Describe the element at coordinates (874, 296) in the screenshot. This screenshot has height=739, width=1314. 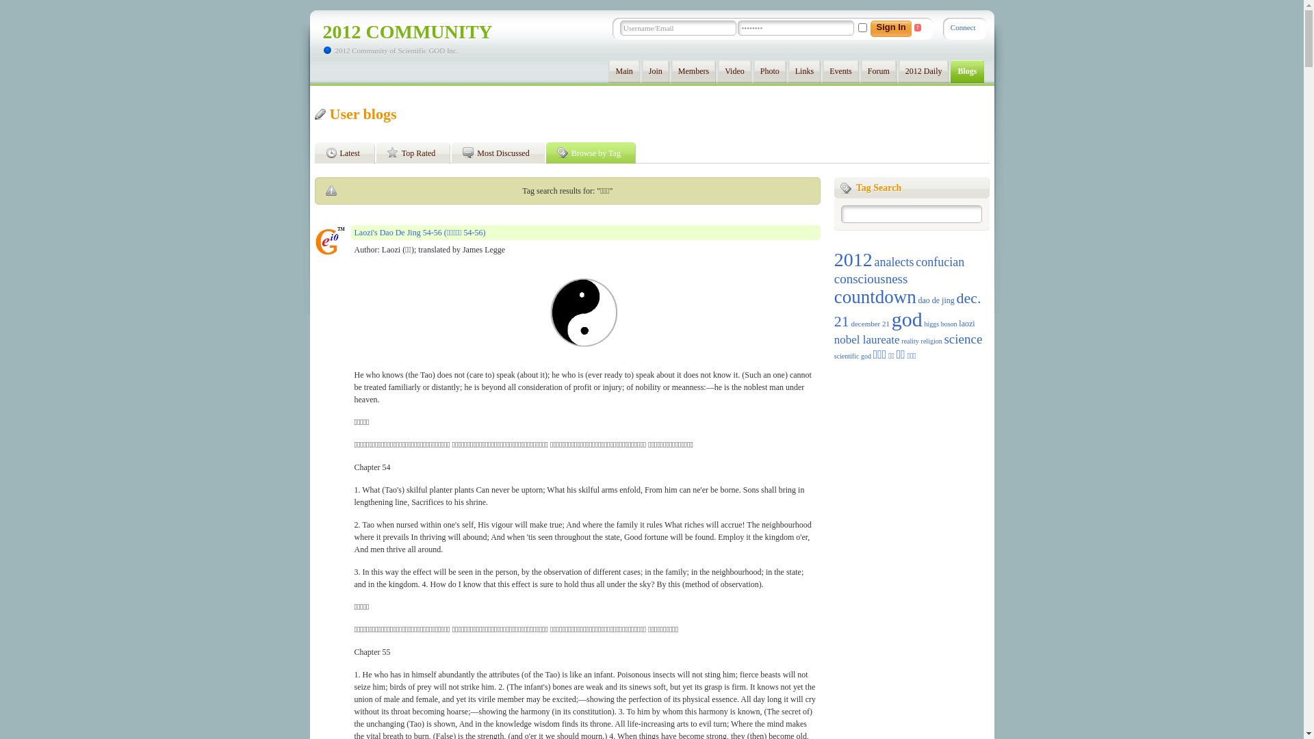
I see `'countdown'` at that location.